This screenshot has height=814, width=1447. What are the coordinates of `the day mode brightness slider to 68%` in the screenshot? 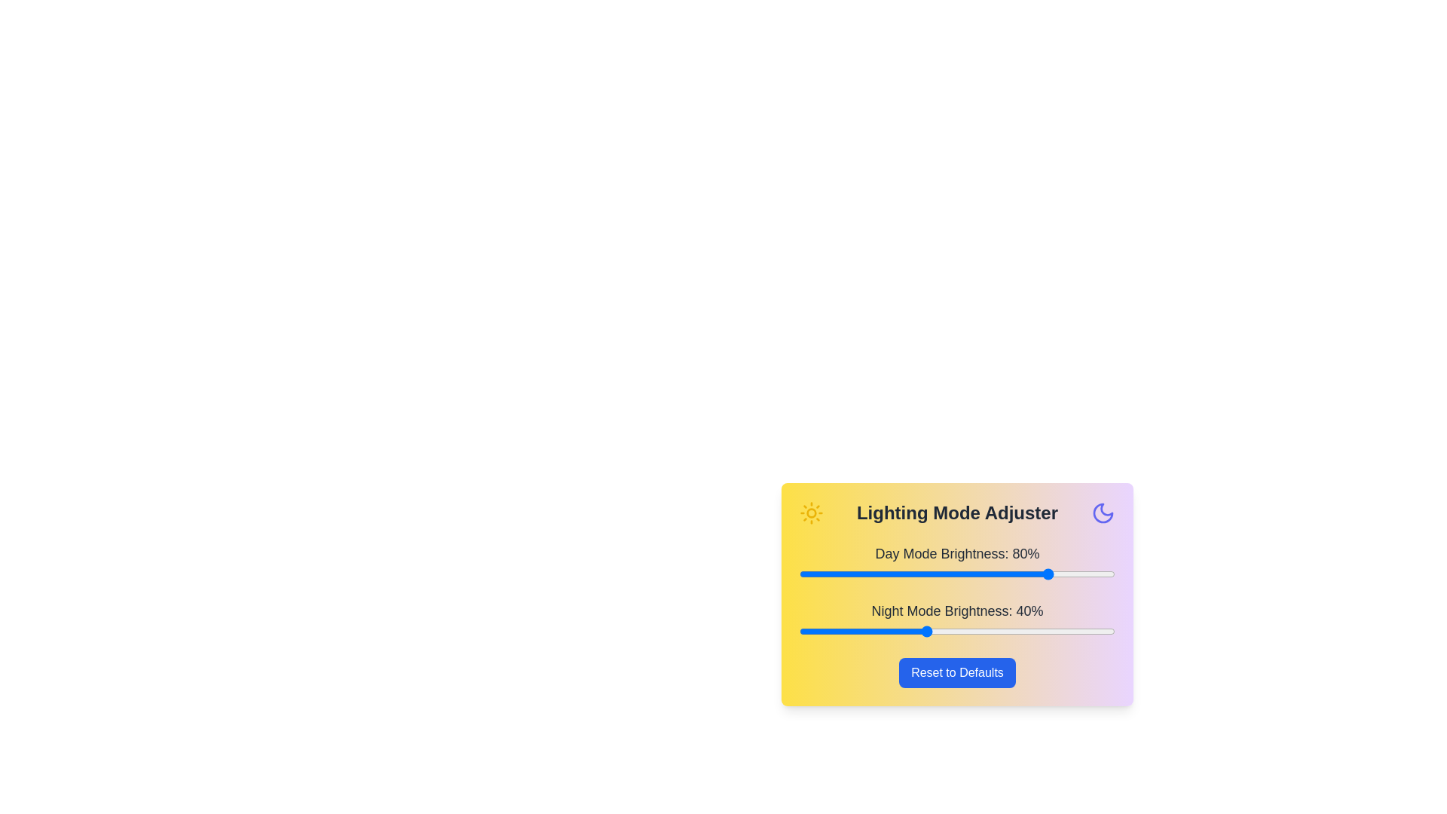 It's located at (1014, 574).